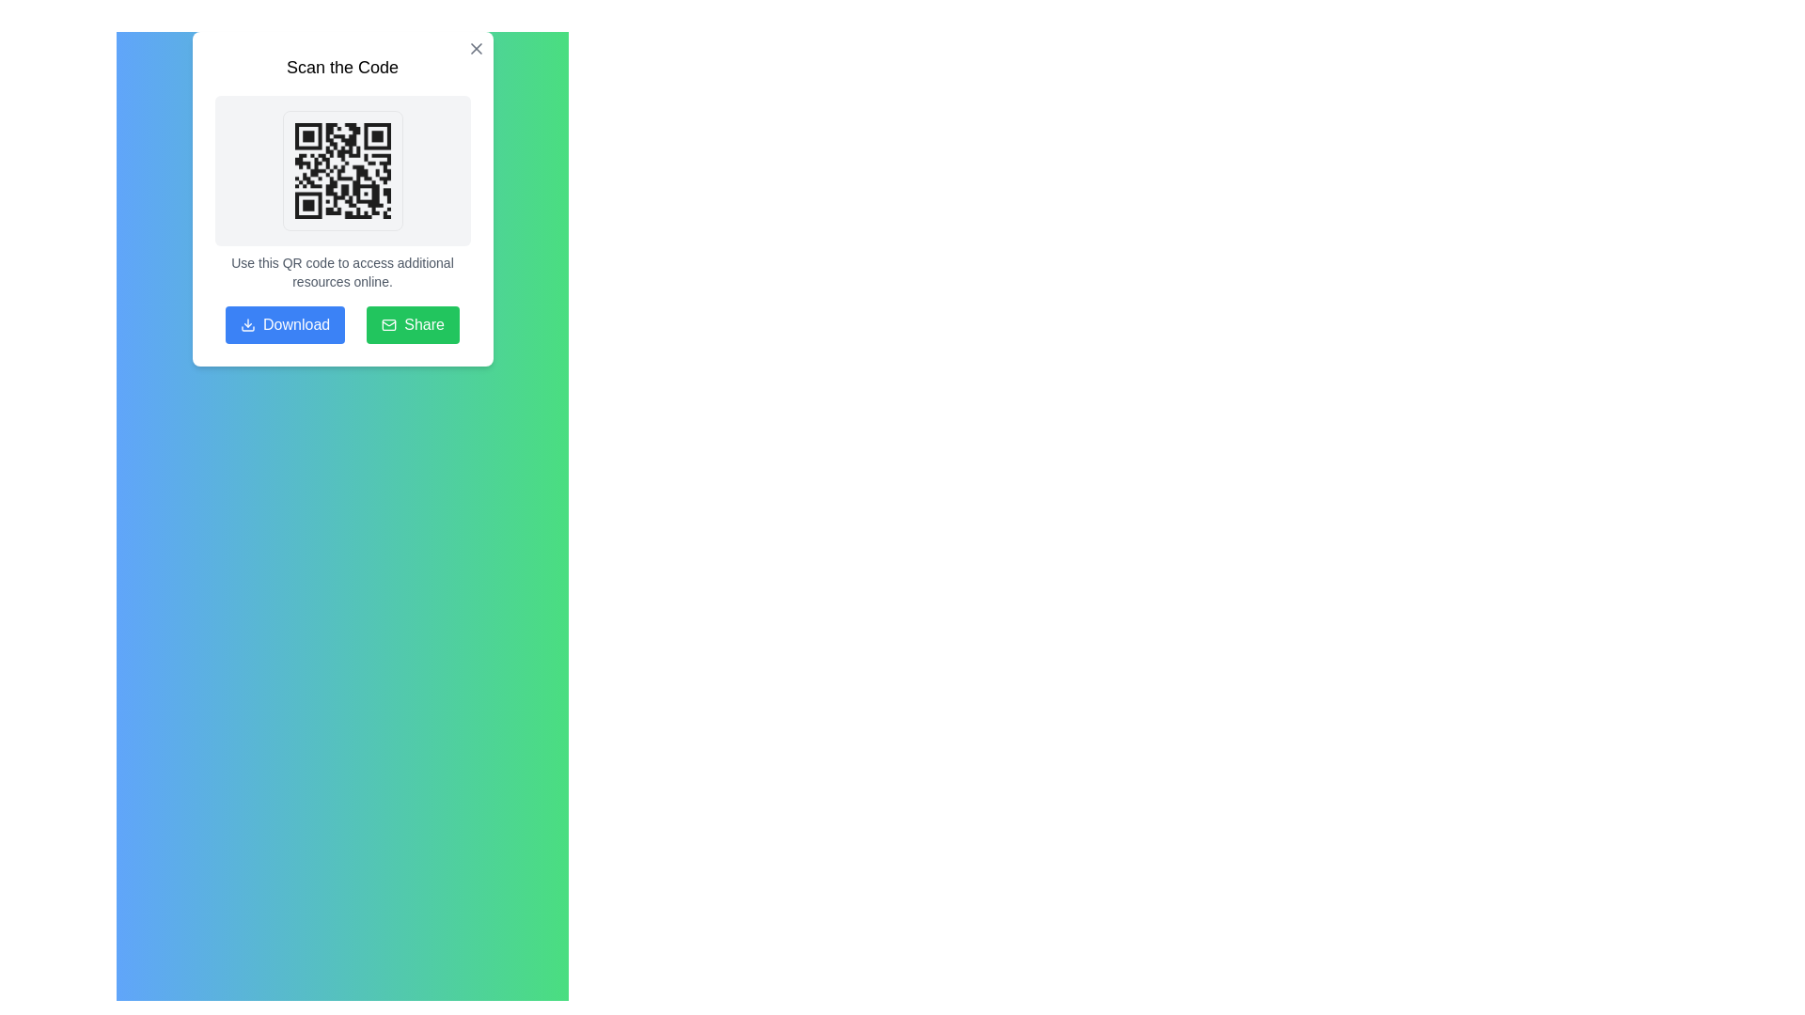  What do you see at coordinates (388, 324) in the screenshot?
I see `the 'Share' button icon located to the left of the text label 'Share'` at bounding box center [388, 324].